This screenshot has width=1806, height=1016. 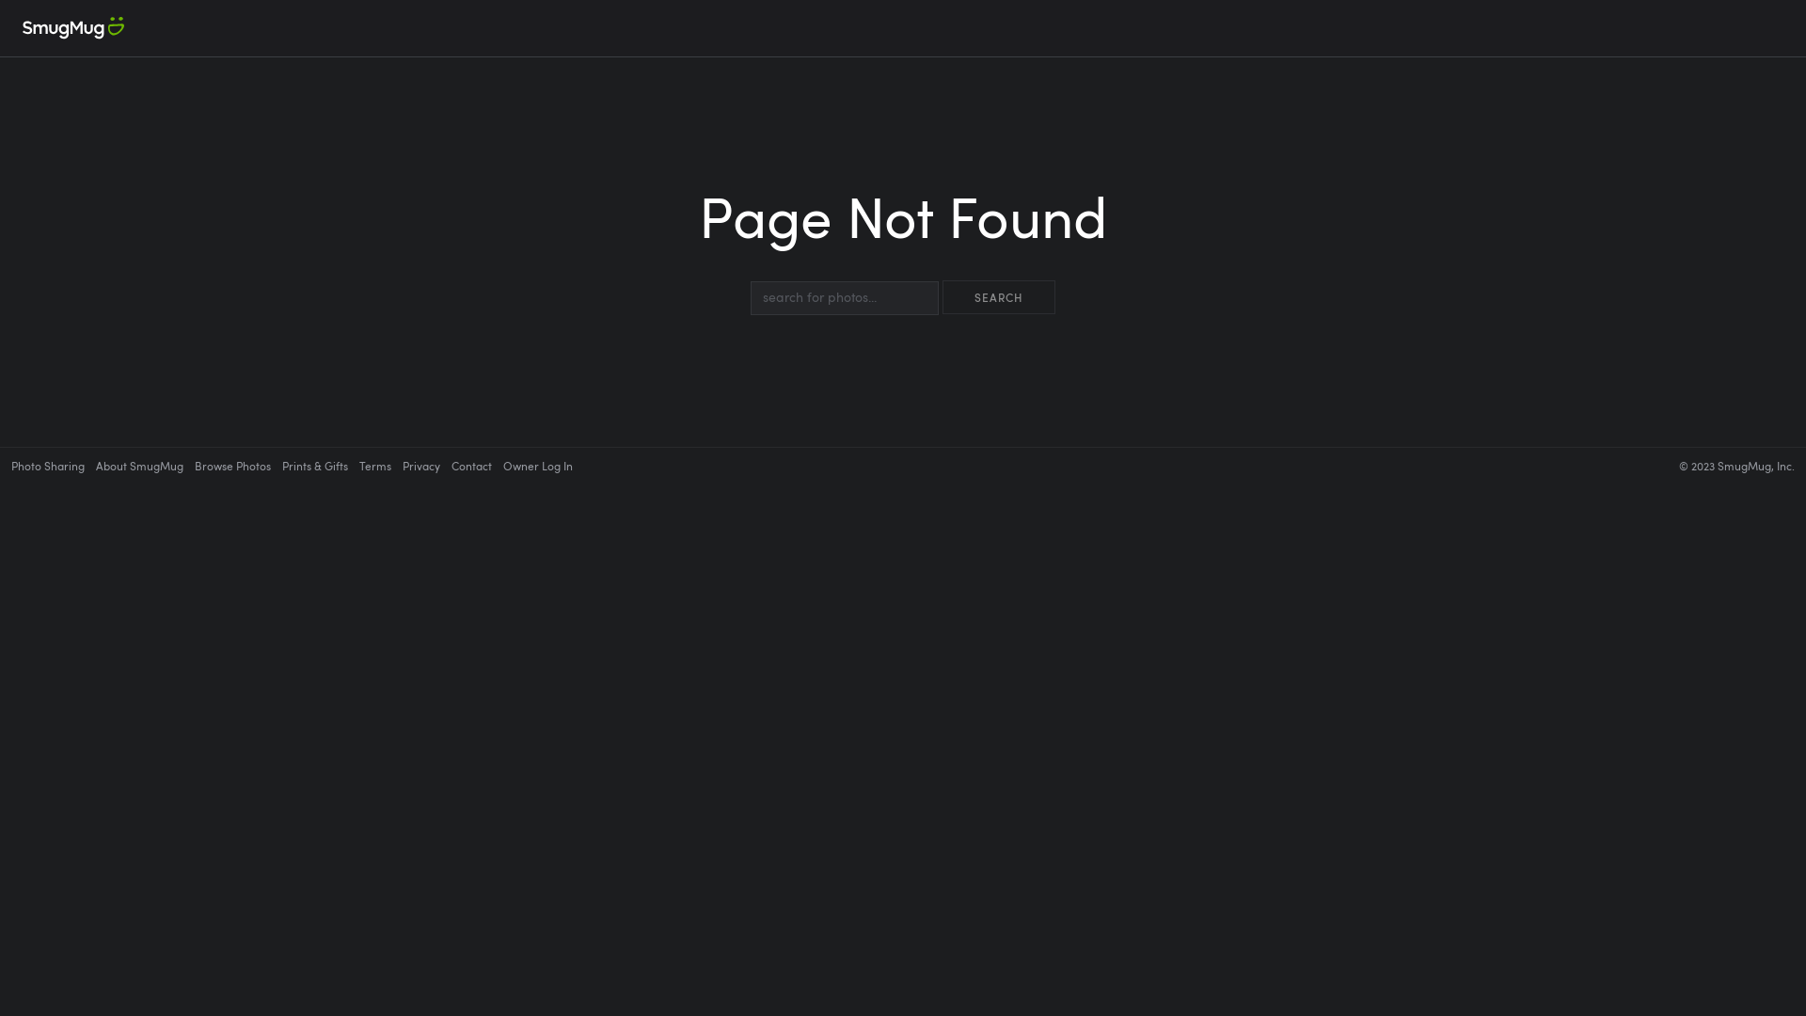 What do you see at coordinates (194, 465) in the screenshot?
I see `'Browse Photos'` at bounding box center [194, 465].